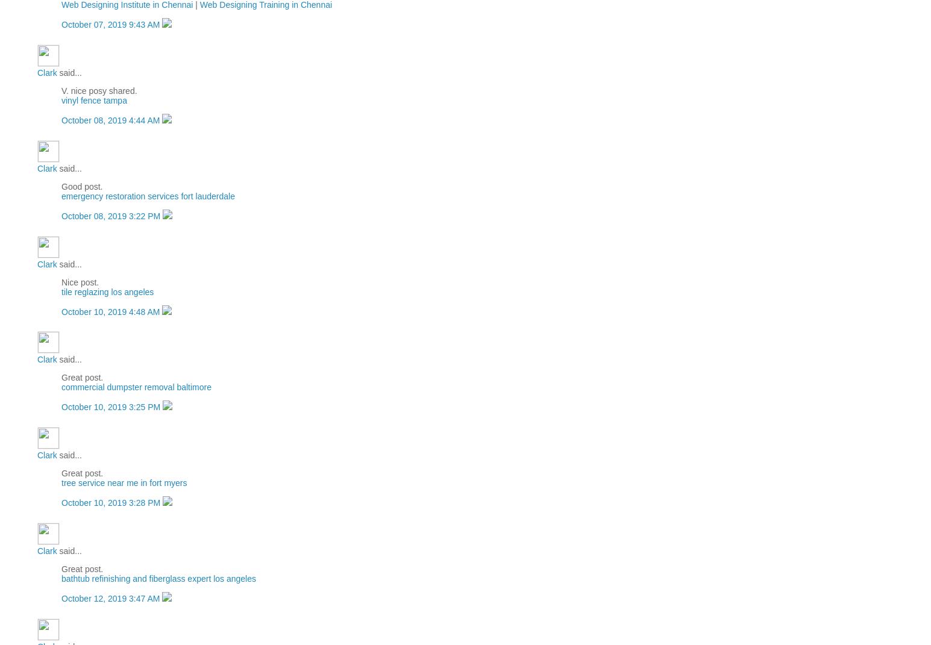  I want to click on 'tree service near me in fort myers', so click(124, 482).